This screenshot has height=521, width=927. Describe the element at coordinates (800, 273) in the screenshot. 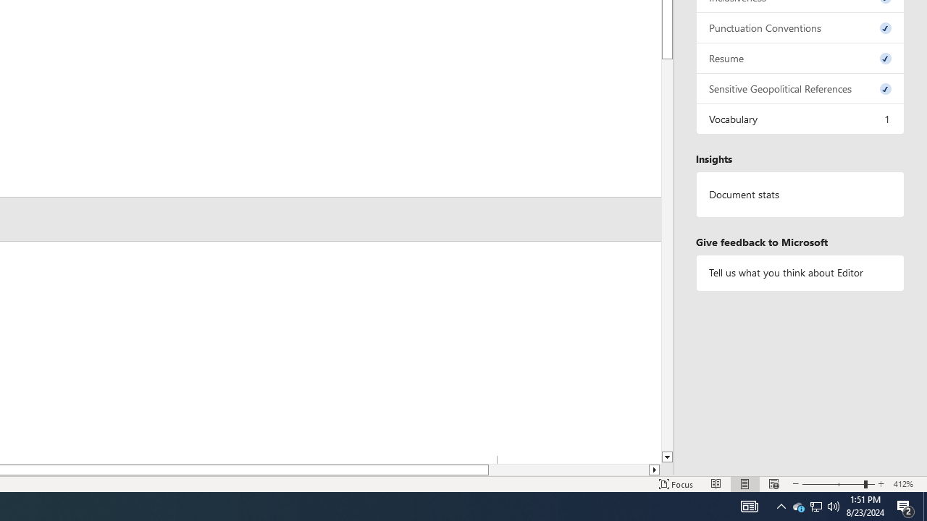

I see `'Tell us what you think about Editor'` at that location.